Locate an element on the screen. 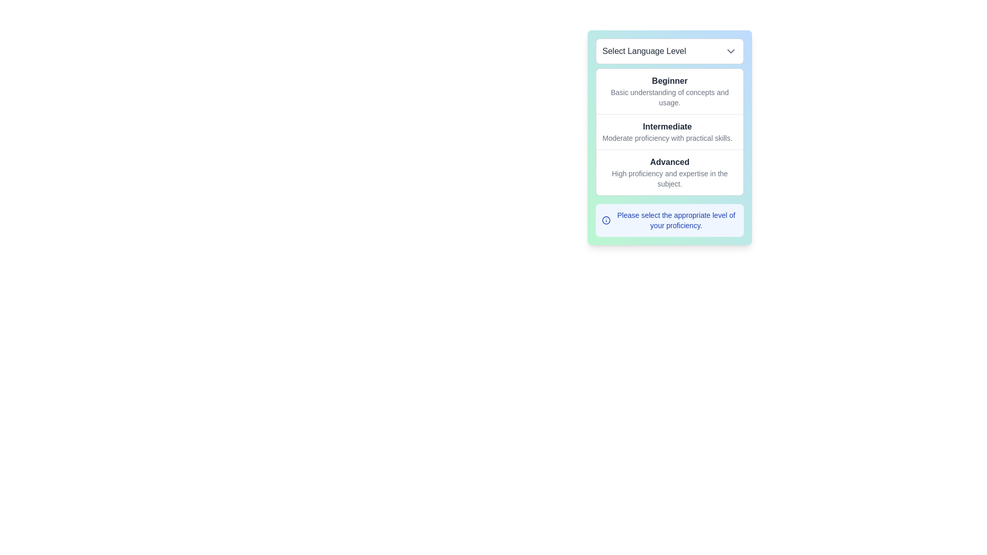 The height and width of the screenshot is (555, 987). the SVG circle graphic located inside the informational icon representing the letter 'i', which is positioned to the left of the text 'Please select the appropriate level of your proficiency.' is located at coordinates (606, 219).